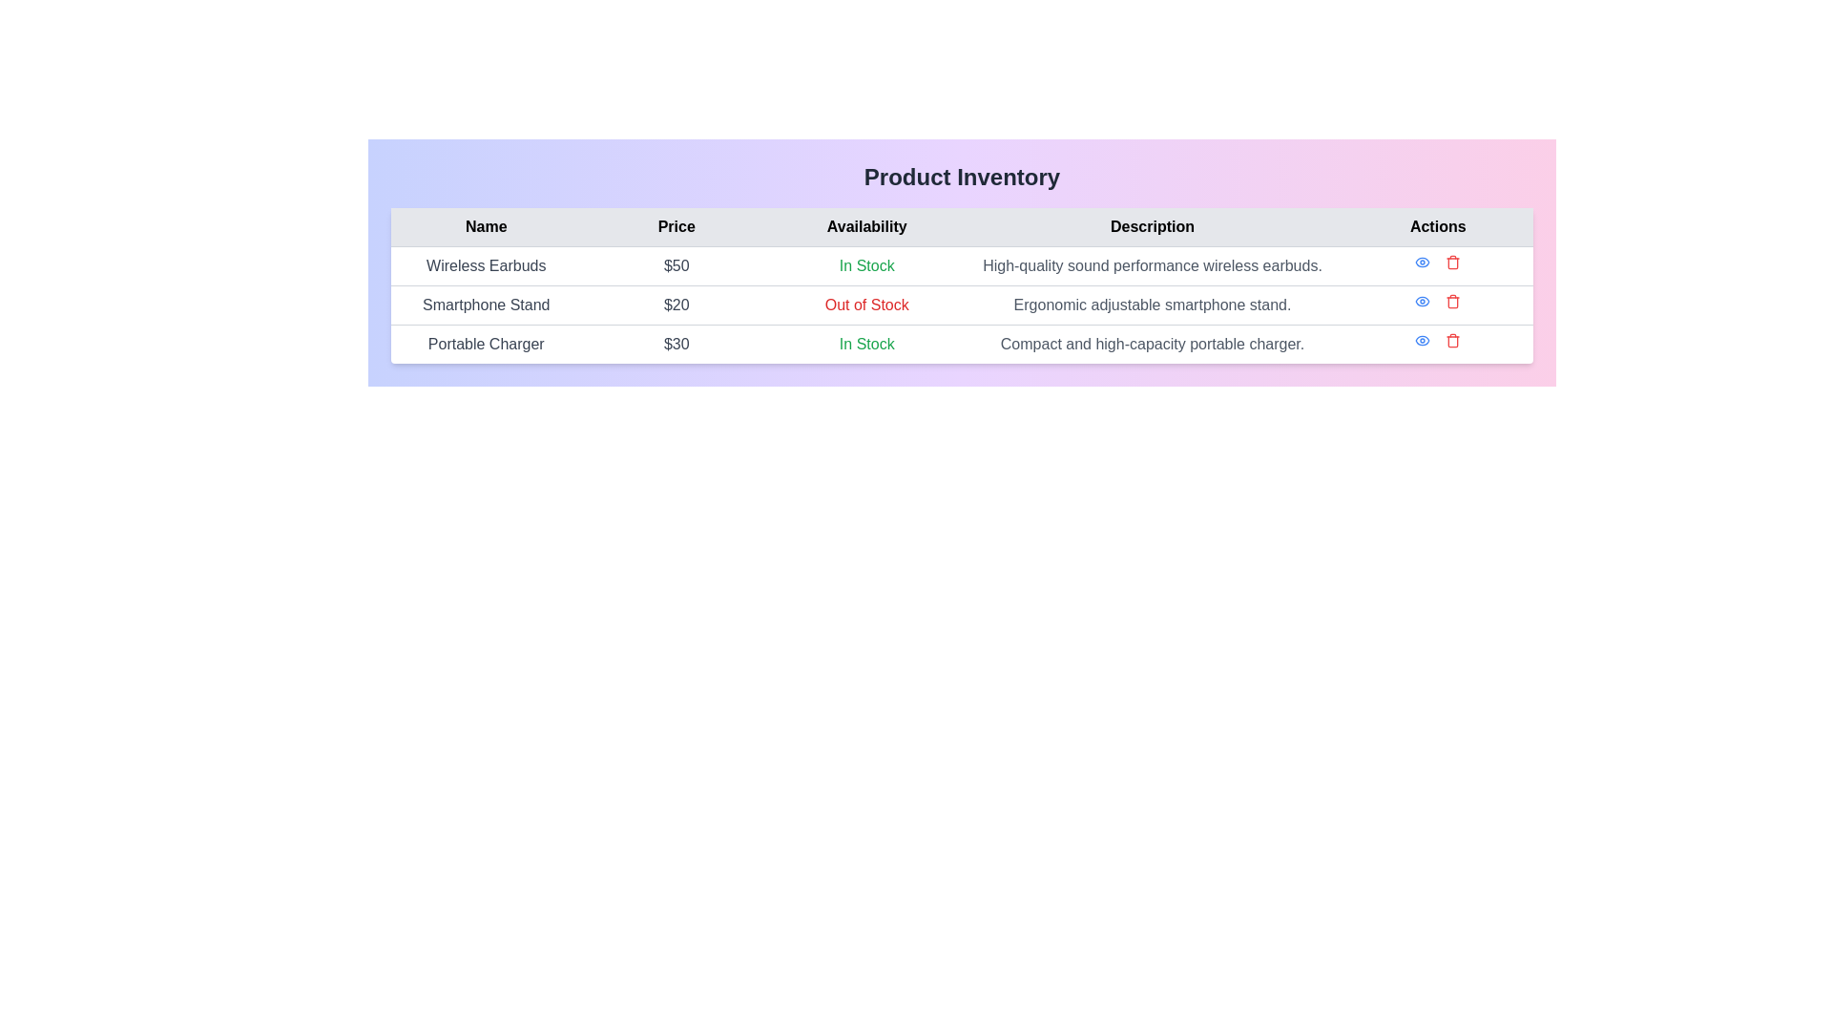 The height and width of the screenshot is (1031, 1832). Describe the element at coordinates (1152, 342) in the screenshot. I see `the text block displaying 'Compact and high-capacity portable charger' in the 'Description' column of the inventory table` at that location.